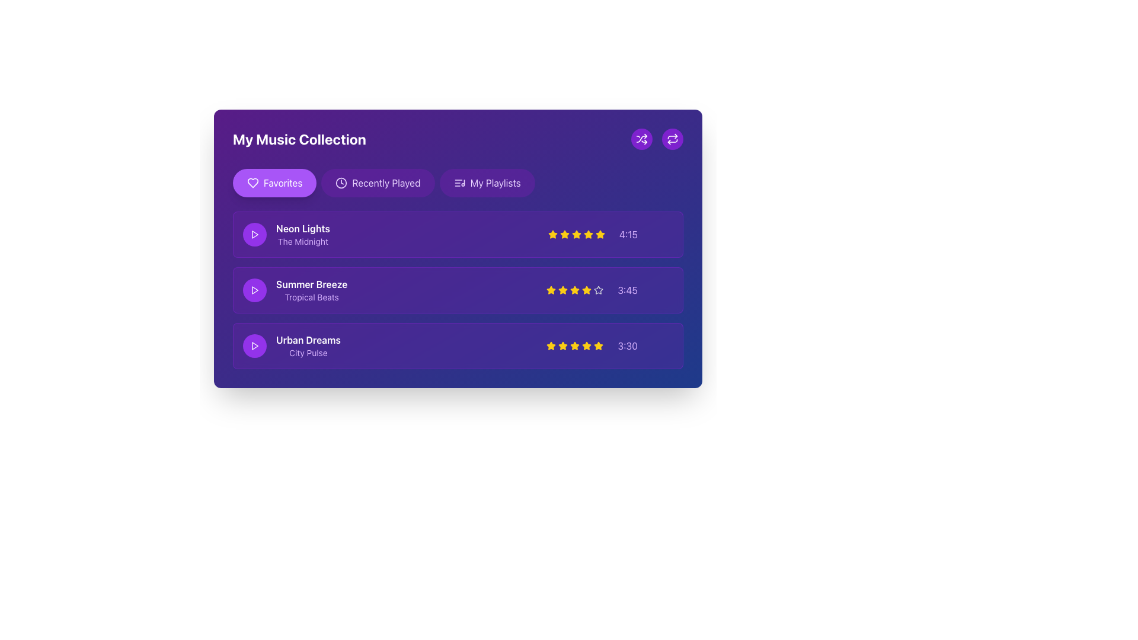 Image resolution: width=1138 pixels, height=640 pixels. What do you see at coordinates (386, 183) in the screenshot?
I see `the filter button for 'Recently Played' items located between 'Favorites' and 'My Playlists' in the 'My Music Collection' section` at bounding box center [386, 183].